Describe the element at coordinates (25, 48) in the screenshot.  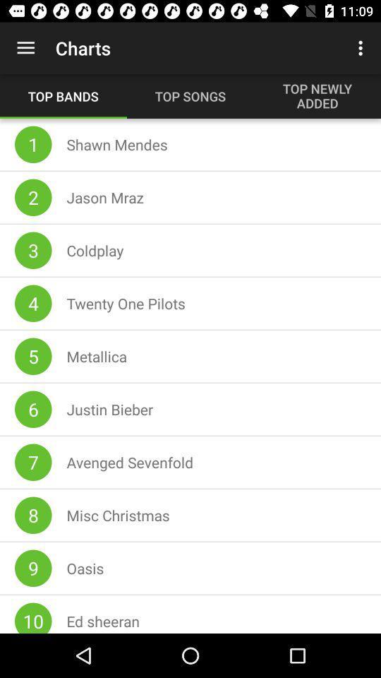
I see `item above top bands item` at that location.